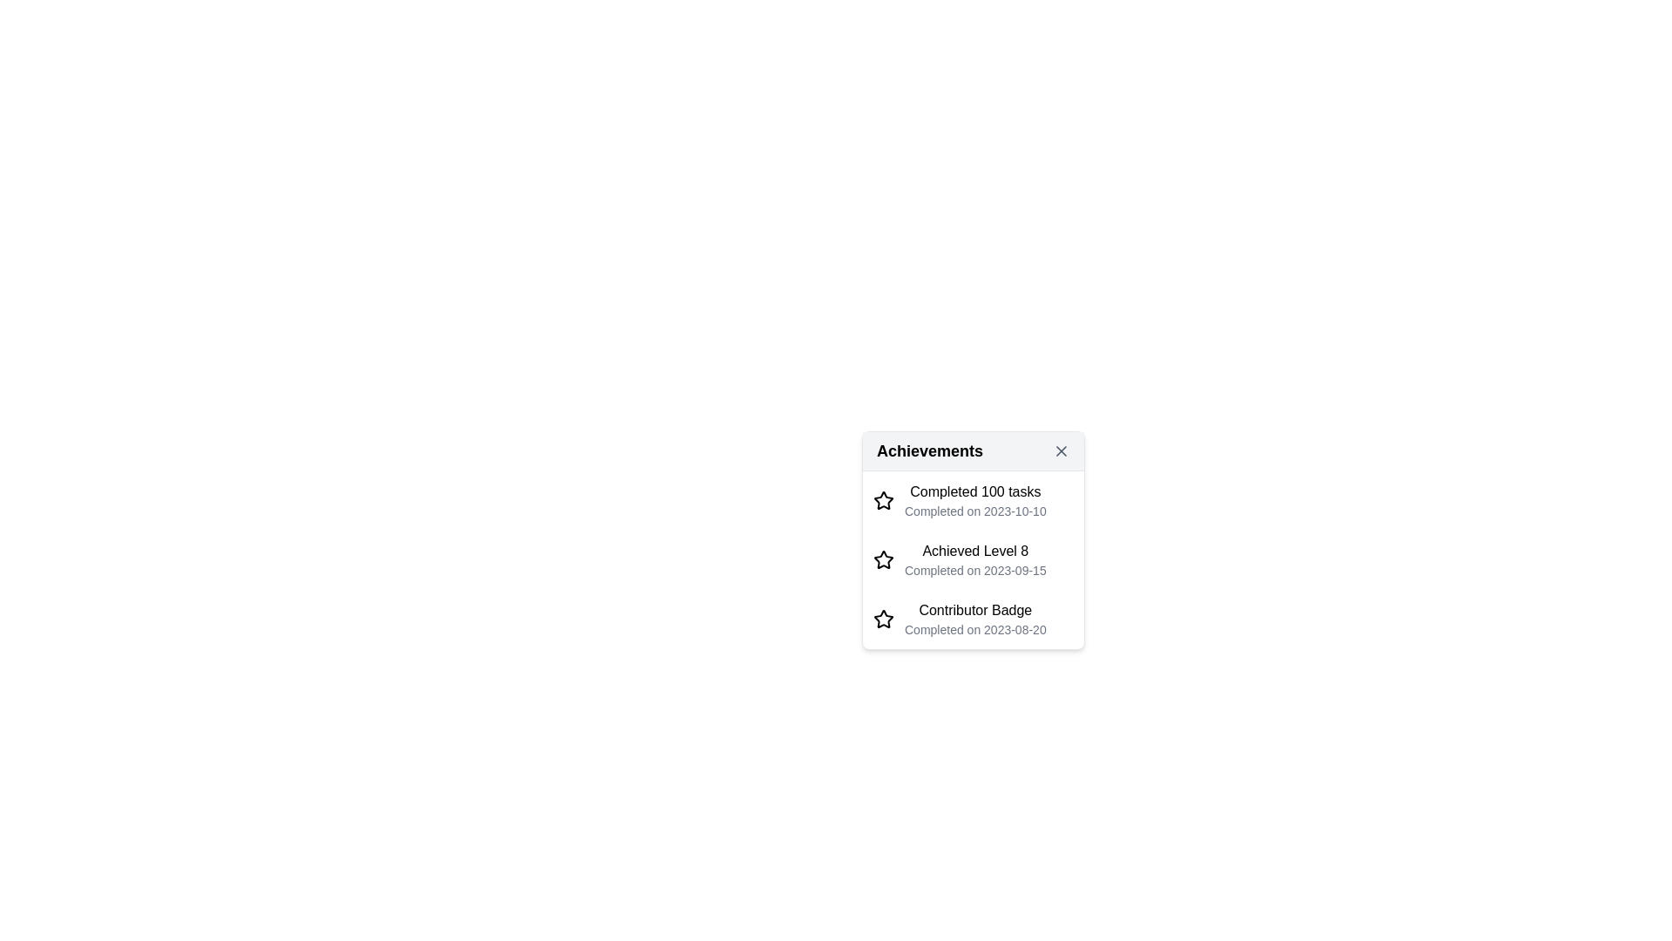  What do you see at coordinates (973, 559) in the screenshot?
I see `information displayed in the Achievement display row featuring a golden star icon, with the text 'Achieved Level 8' and 'Completed on 2023-09-15.'` at bounding box center [973, 559].